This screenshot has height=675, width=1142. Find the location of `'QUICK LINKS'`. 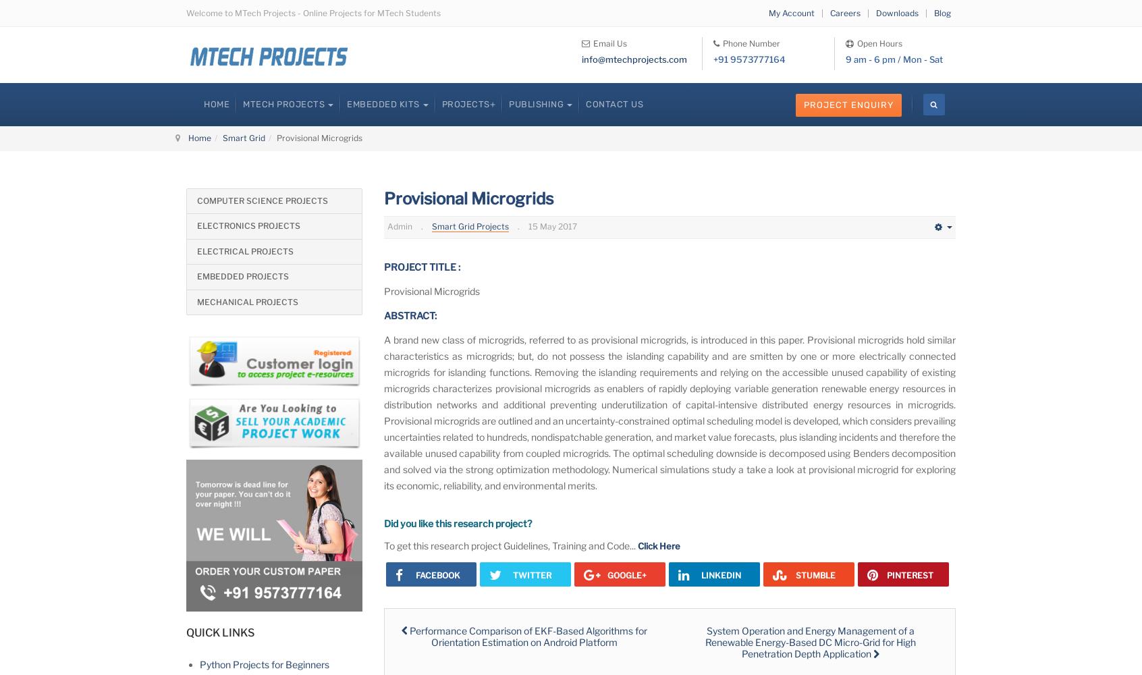

'QUICK LINKS' is located at coordinates (219, 632).